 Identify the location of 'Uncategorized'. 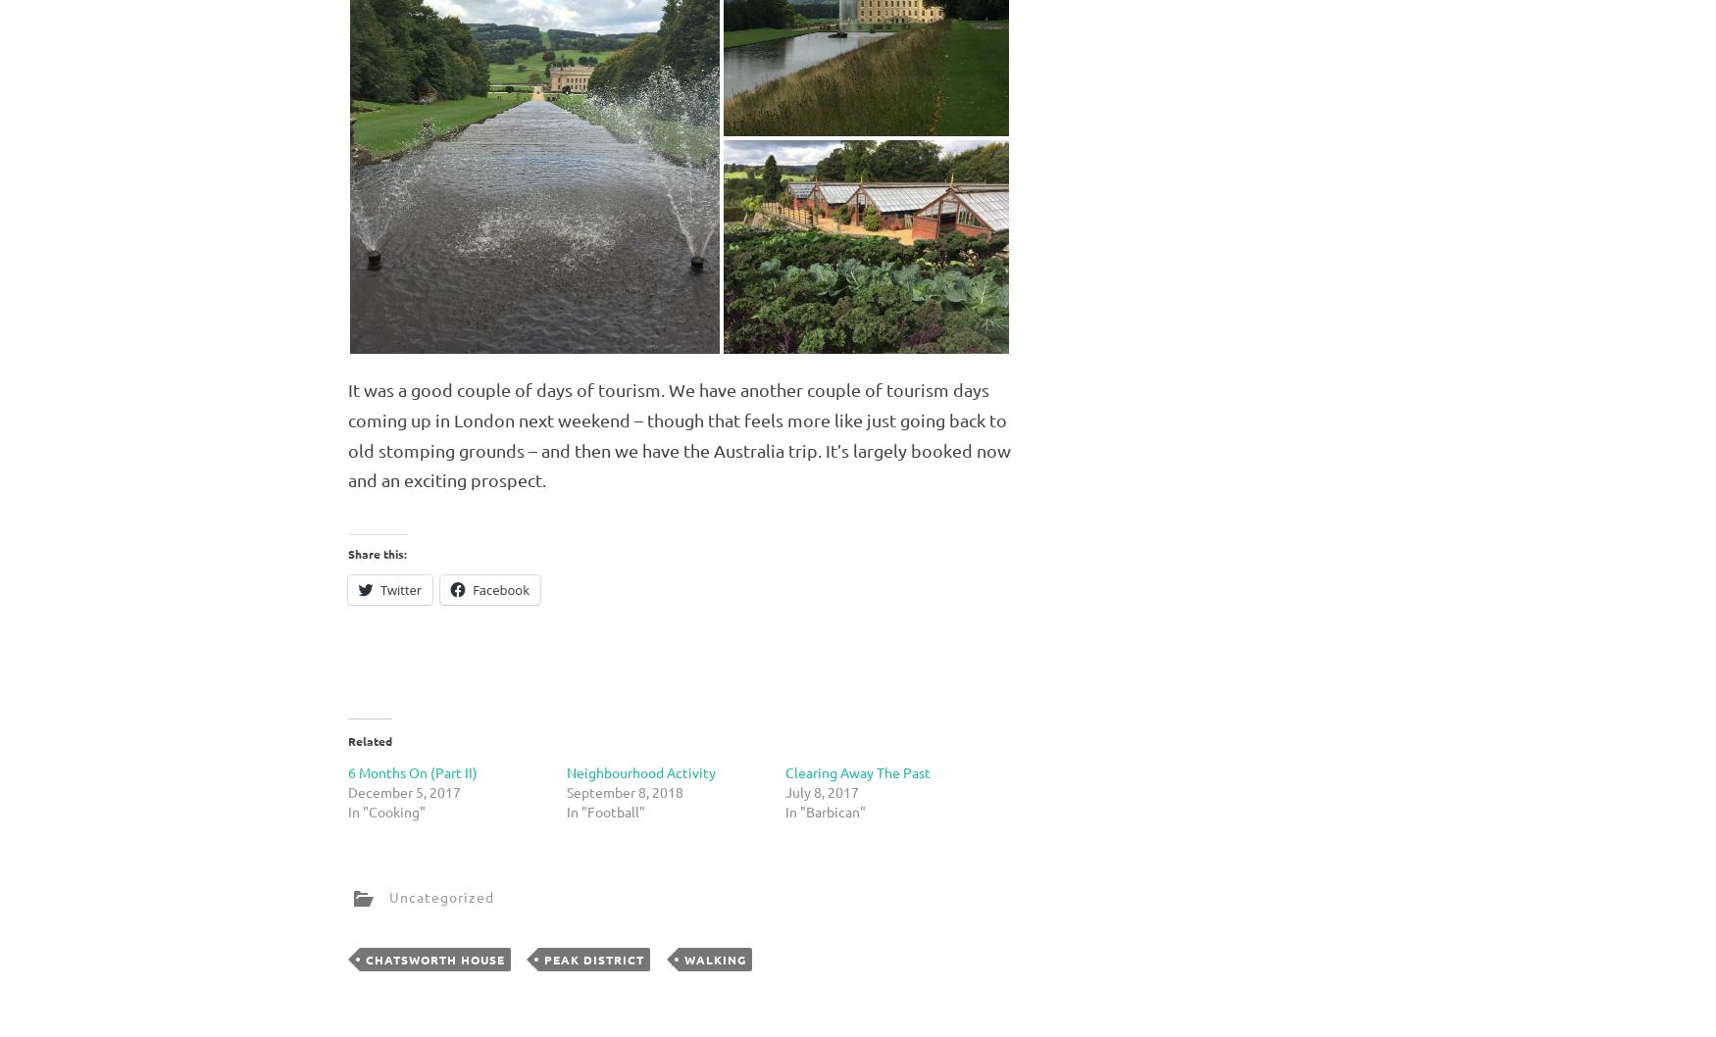
(388, 896).